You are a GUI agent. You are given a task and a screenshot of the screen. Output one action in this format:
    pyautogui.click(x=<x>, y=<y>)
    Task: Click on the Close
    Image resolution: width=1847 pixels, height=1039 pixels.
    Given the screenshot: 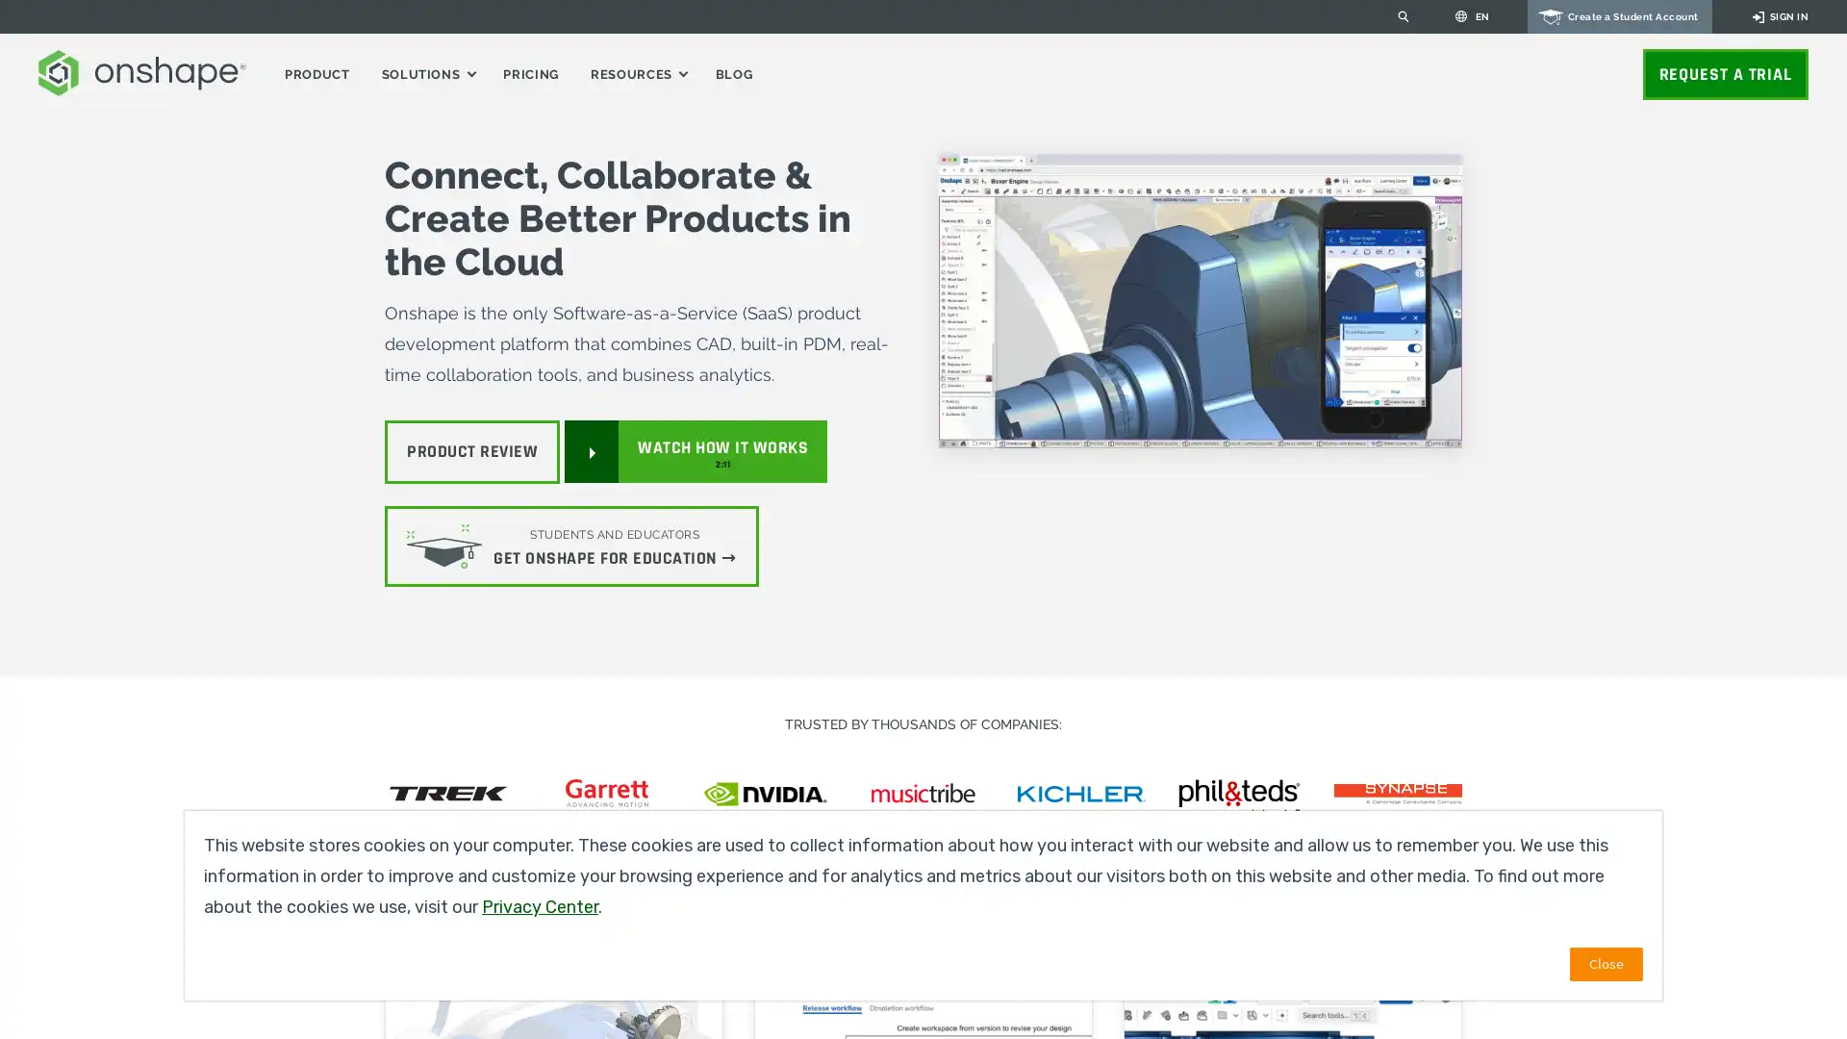 What is the action you would take?
    pyautogui.click(x=1607, y=964)
    